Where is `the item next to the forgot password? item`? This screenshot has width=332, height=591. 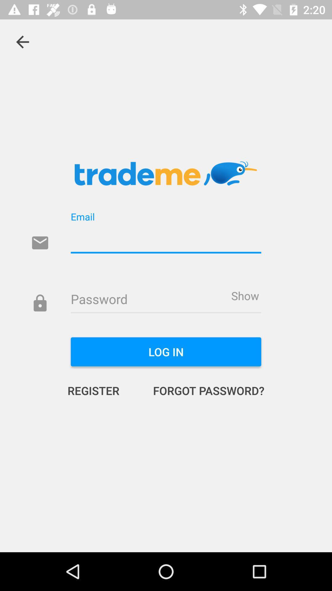 the item next to the forgot password? item is located at coordinates (100, 390).